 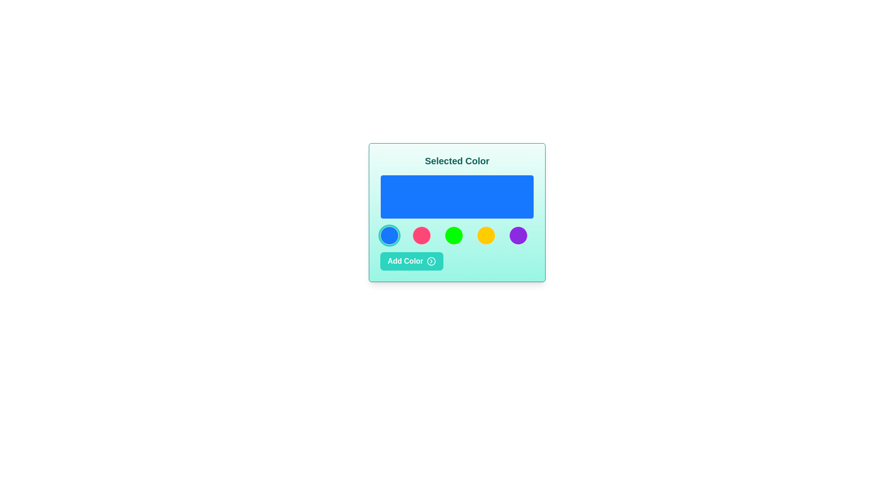 I want to click on the Color display area that visually represents the selected color, located beneath the 'Selected Color' title and above the colored buttons, so click(x=457, y=196).